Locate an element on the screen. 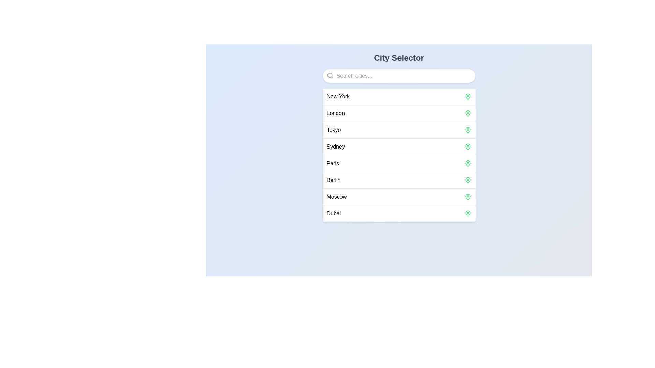 This screenshot has width=655, height=368. the 'Tokyo' text label in the third position of the city list is located at coordinates (334, 130).